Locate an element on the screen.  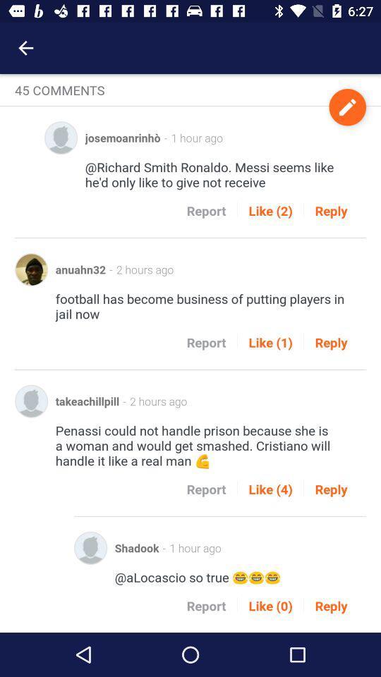
like (1) icon is located at coordinates (270, 341).